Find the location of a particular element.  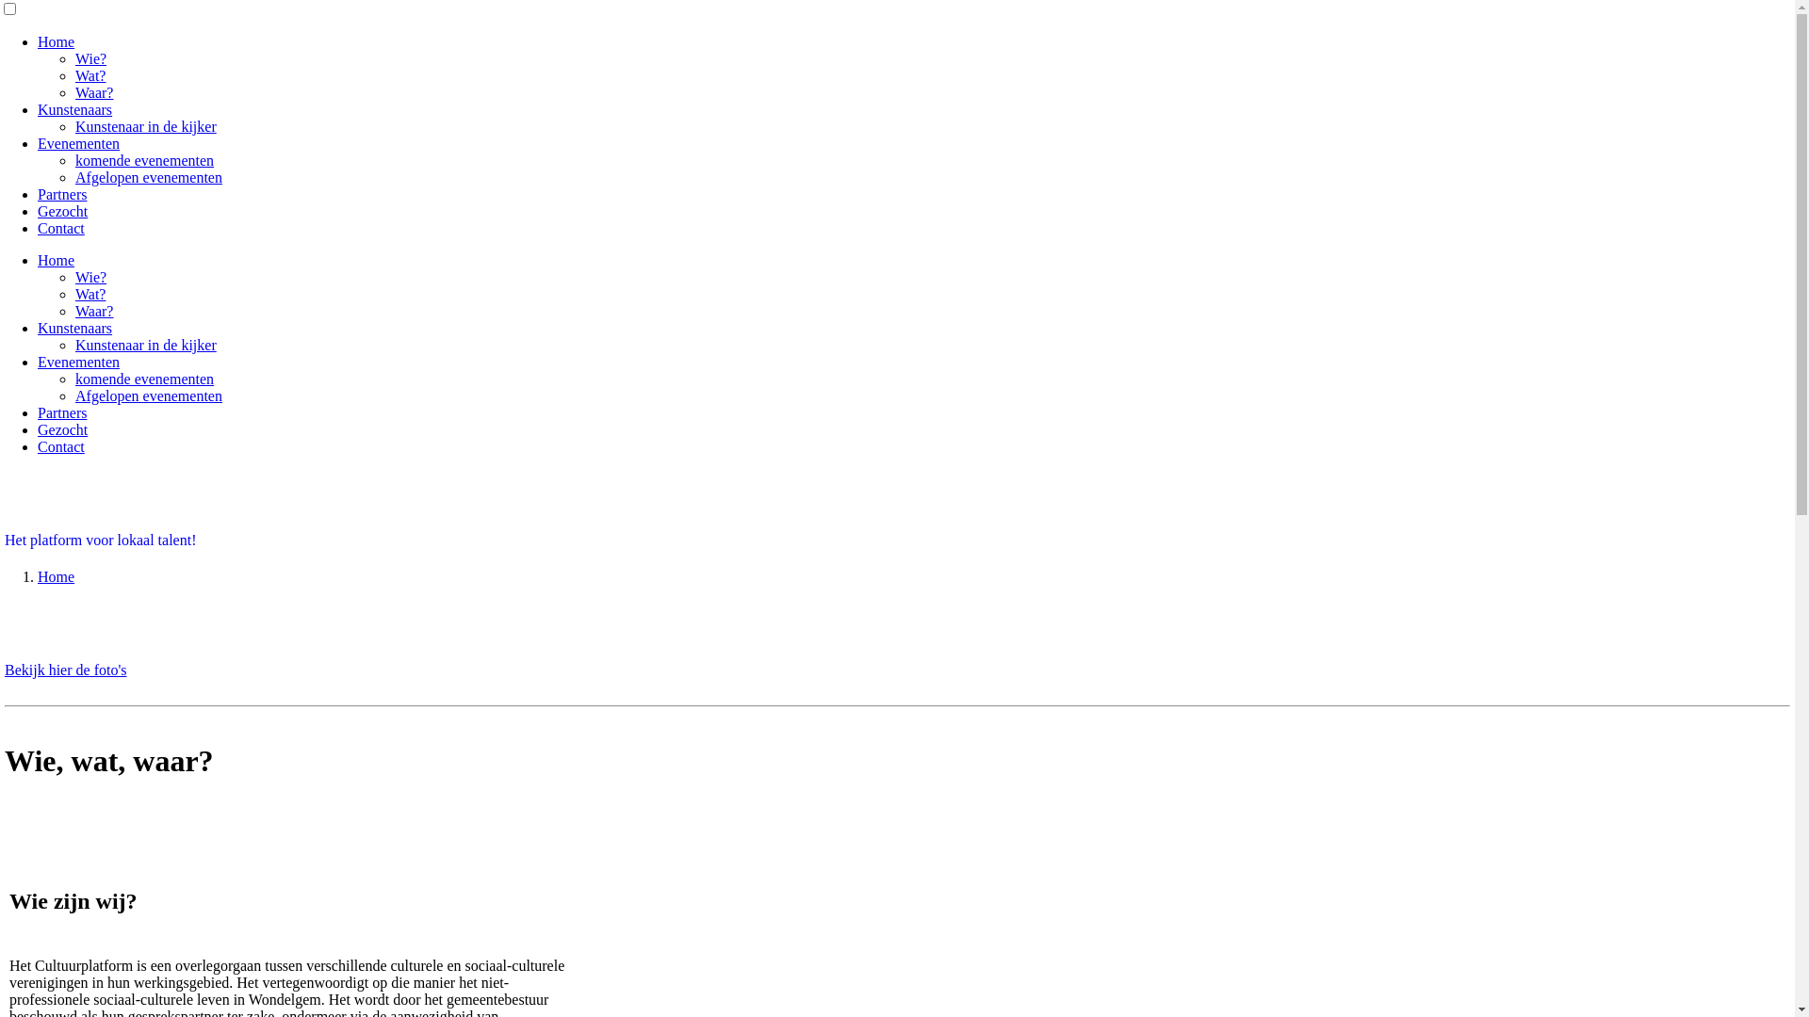

'Bekijk hier de foto's' is located at coordinates (66, 669).